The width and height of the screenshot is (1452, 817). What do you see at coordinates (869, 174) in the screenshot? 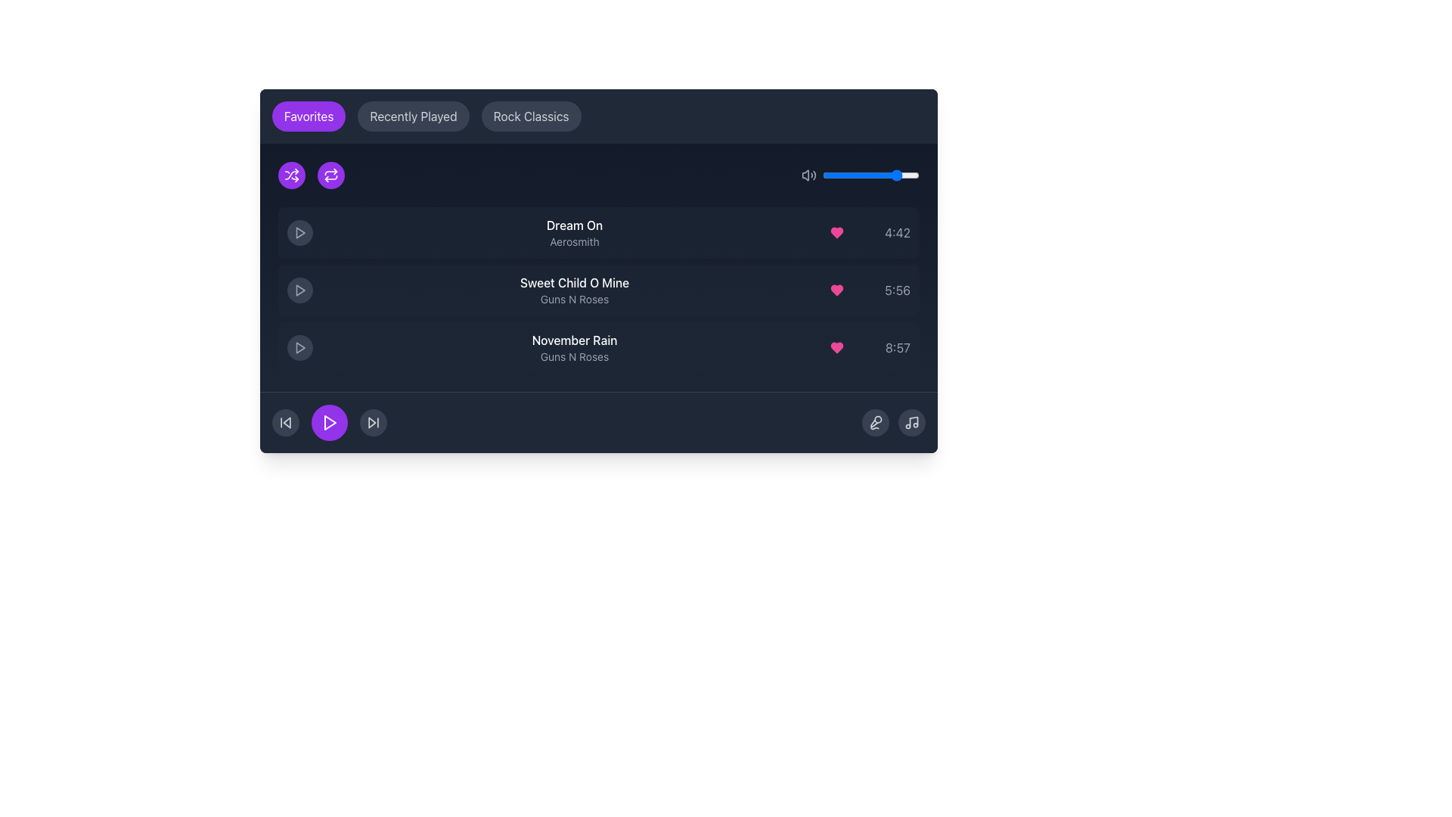
I see `the volume` at bounding box center [869, 174].